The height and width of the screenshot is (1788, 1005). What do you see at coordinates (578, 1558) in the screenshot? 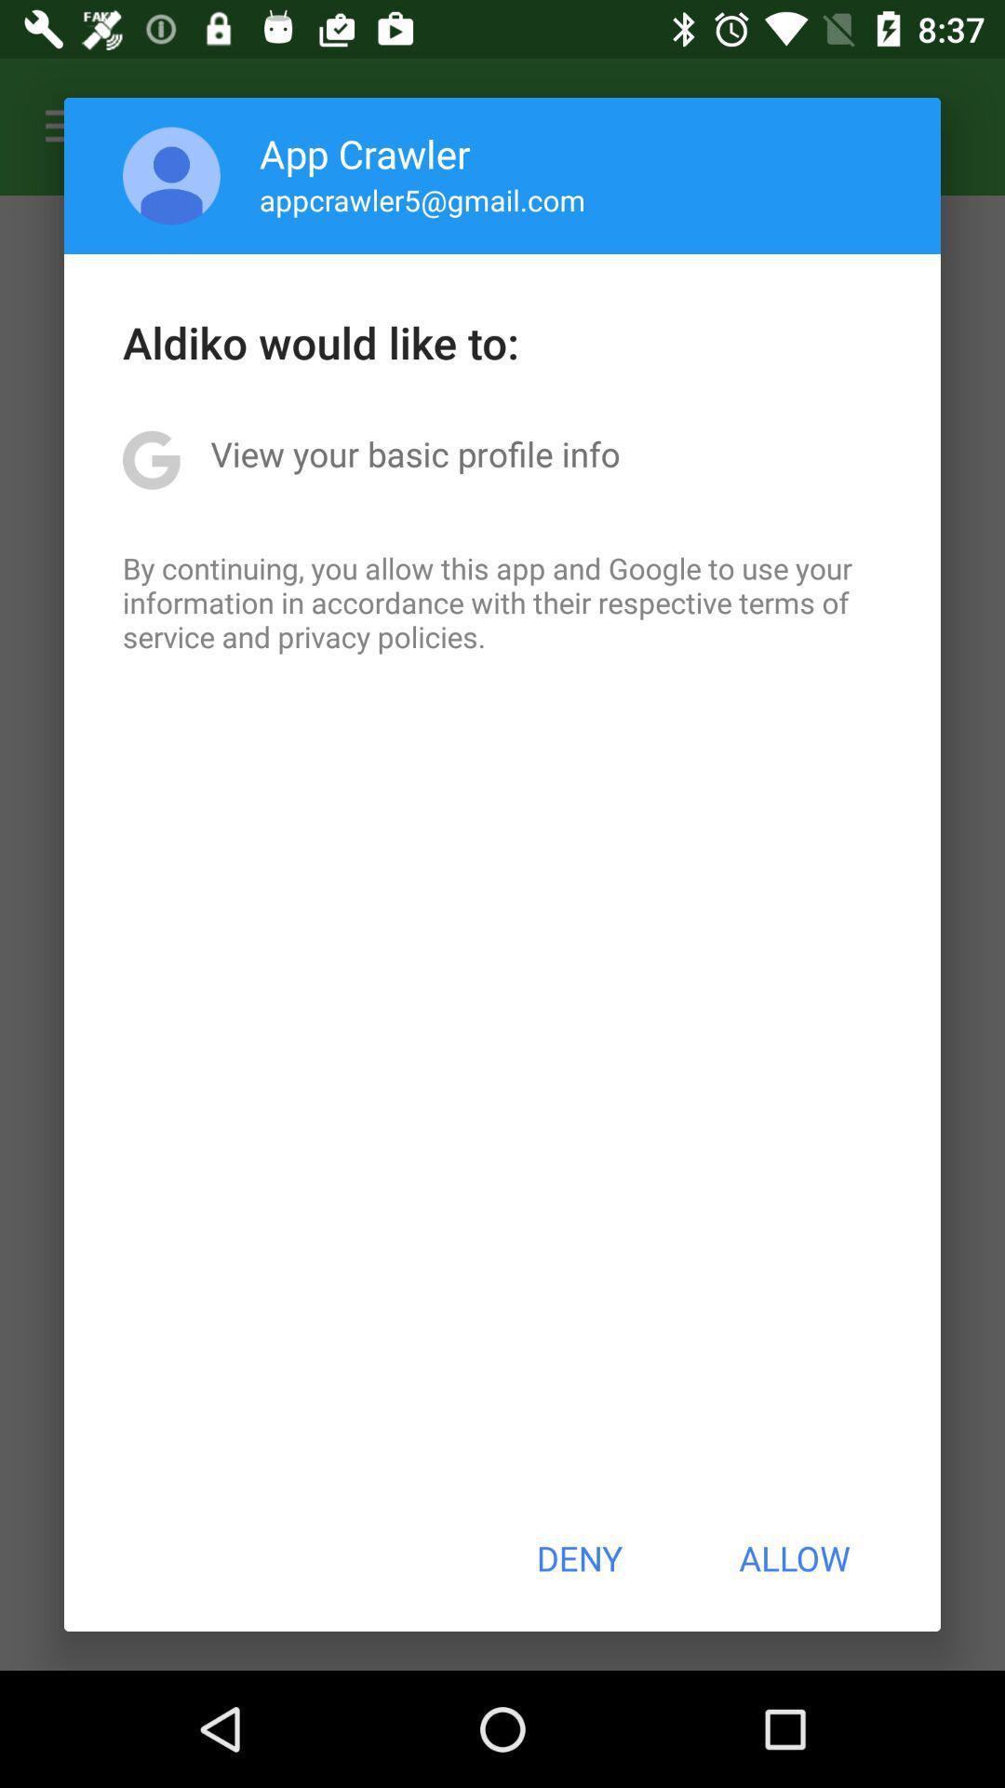
I see `the item next to the allow item` at bounding box center [578, 1558].